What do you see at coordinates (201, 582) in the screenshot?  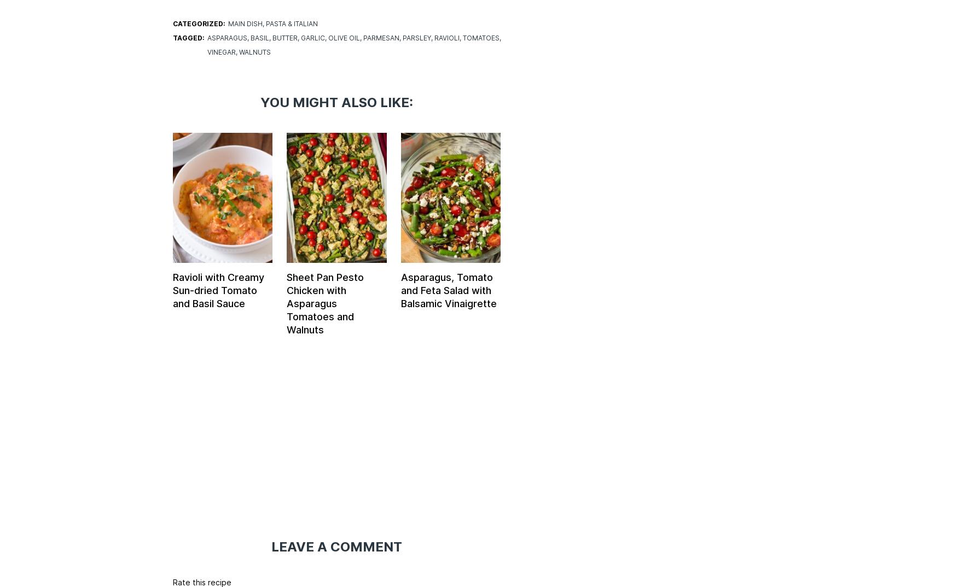 I see `'Rate this recipe'` at bounding box center [201, 582].